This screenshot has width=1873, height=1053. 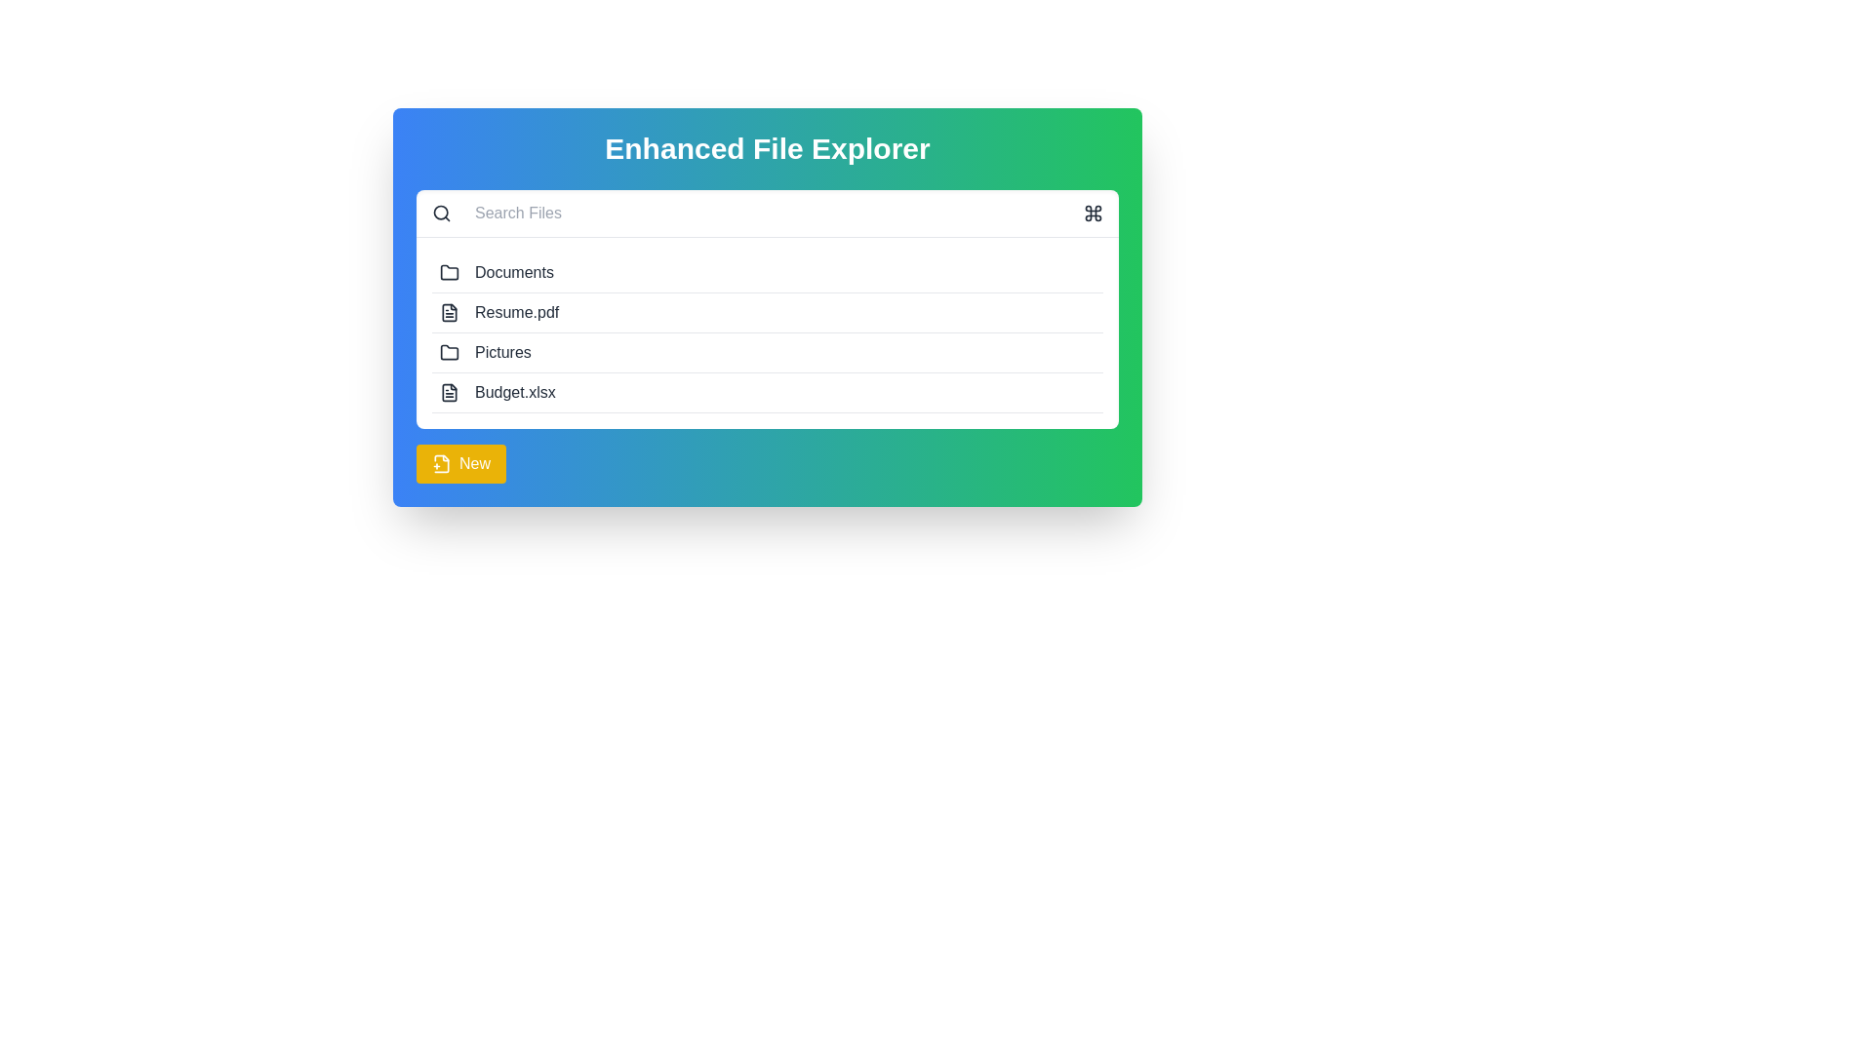 I want to click on the file row labeled 'Budget.xlsx', so click(x=767, y=393).